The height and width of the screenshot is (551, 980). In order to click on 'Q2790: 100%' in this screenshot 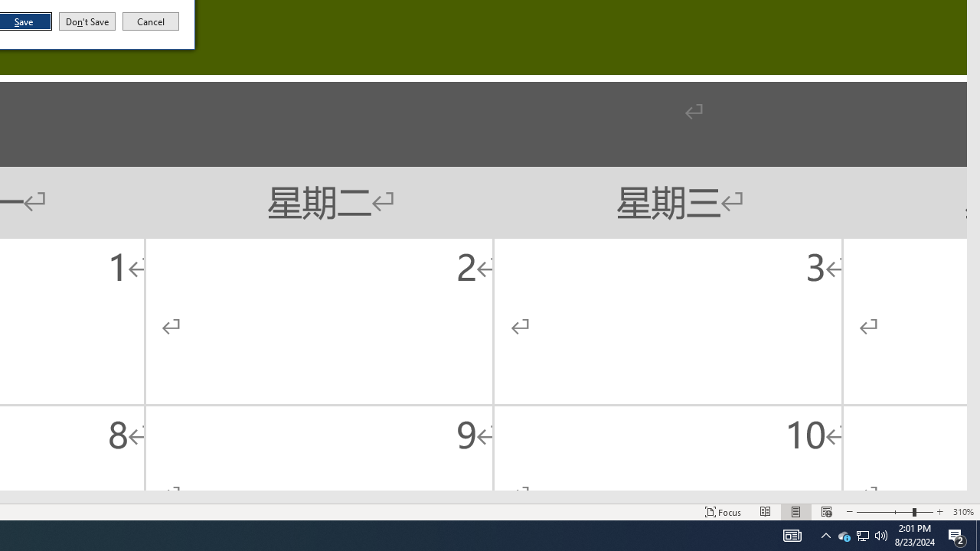, I will do `click(843, 534)`.